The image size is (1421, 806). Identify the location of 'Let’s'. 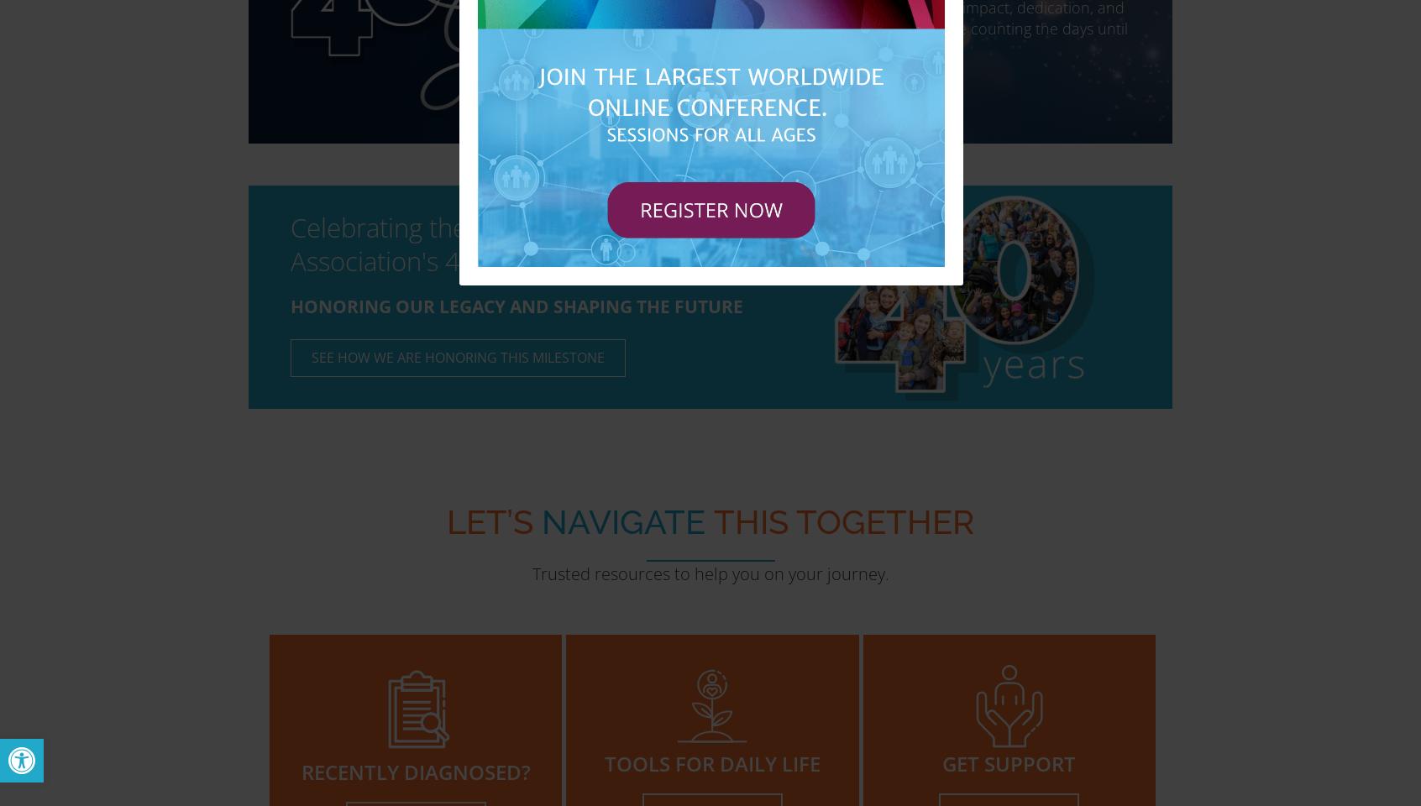
(489, 521).